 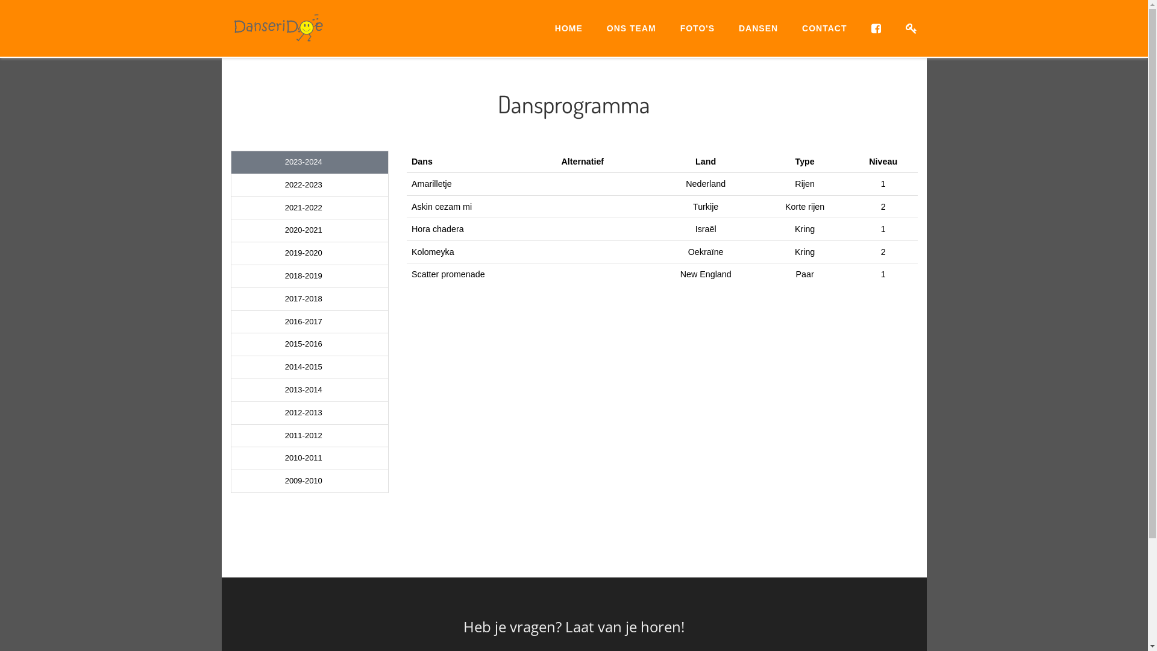 What do you see at coordinates (310, 480) in the screenshot?
I see `'2009-2010'` at bounding box center [310, 480].